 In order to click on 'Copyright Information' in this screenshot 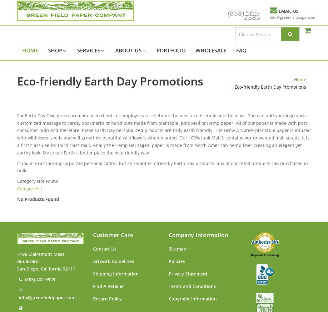, I will do `click(192, 298)`.